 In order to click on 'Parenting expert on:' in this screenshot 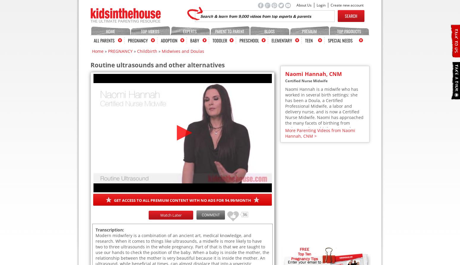, I will do `click(306, 217)`.